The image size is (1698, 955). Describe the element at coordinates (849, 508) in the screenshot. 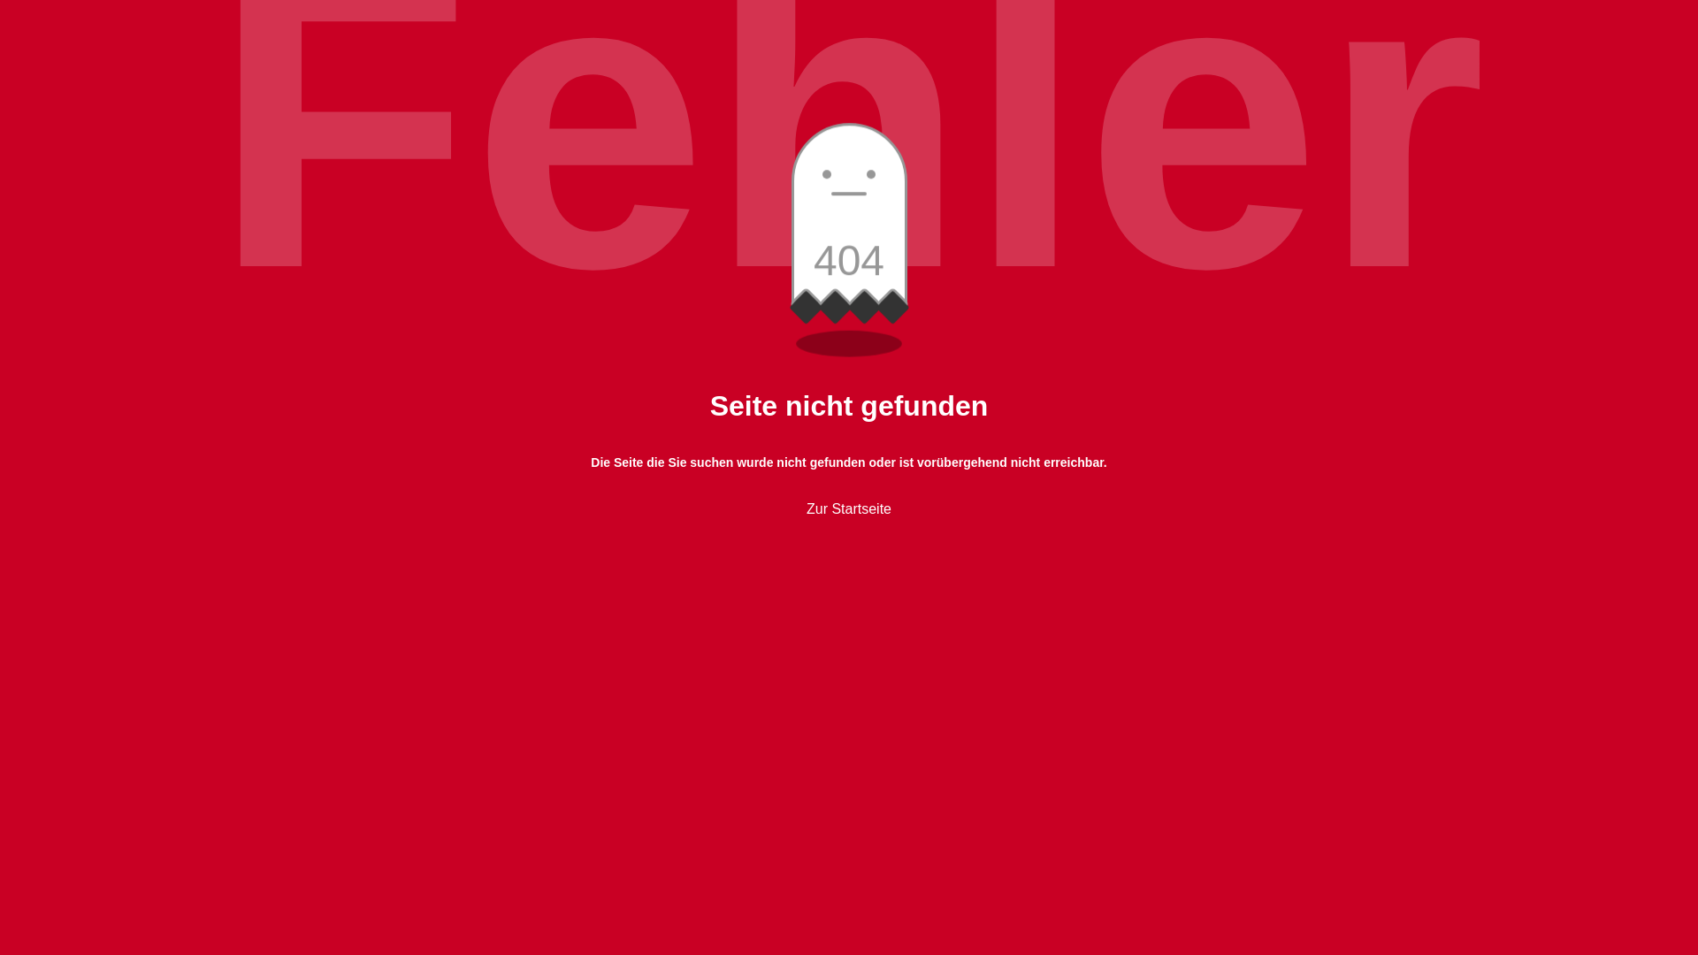

I see `'Zur Startseite'` at that location.